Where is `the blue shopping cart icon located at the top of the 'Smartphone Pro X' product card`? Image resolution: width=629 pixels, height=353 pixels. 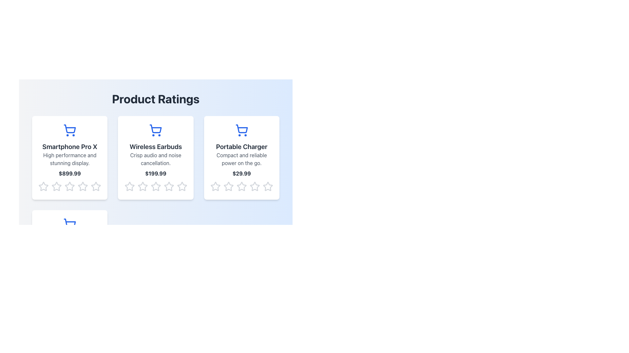
the blue shopping cart icon located at the top of the 'Smartphone Pro X' product card is located at coordinates (70, 130).